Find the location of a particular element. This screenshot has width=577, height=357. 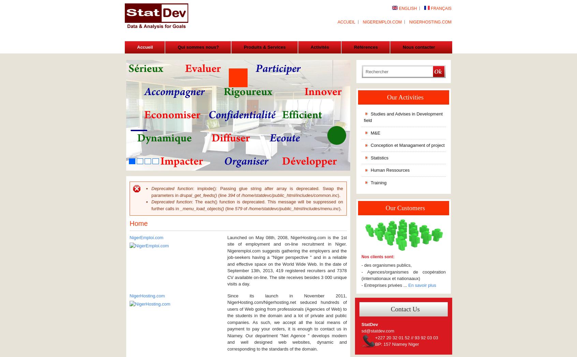

'Studies and Advises in Development field' is located at coordinates (364, 117).